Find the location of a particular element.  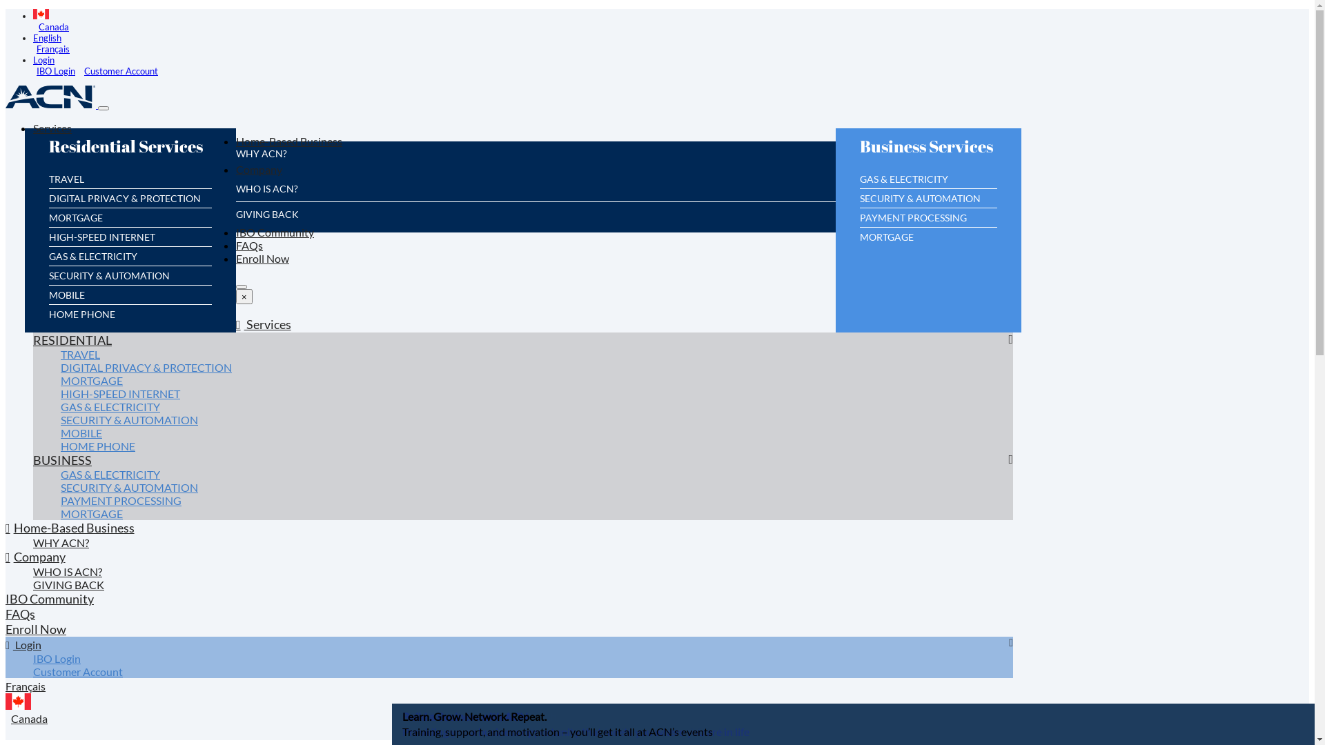

'Services' is located at coordinates (264, 329).